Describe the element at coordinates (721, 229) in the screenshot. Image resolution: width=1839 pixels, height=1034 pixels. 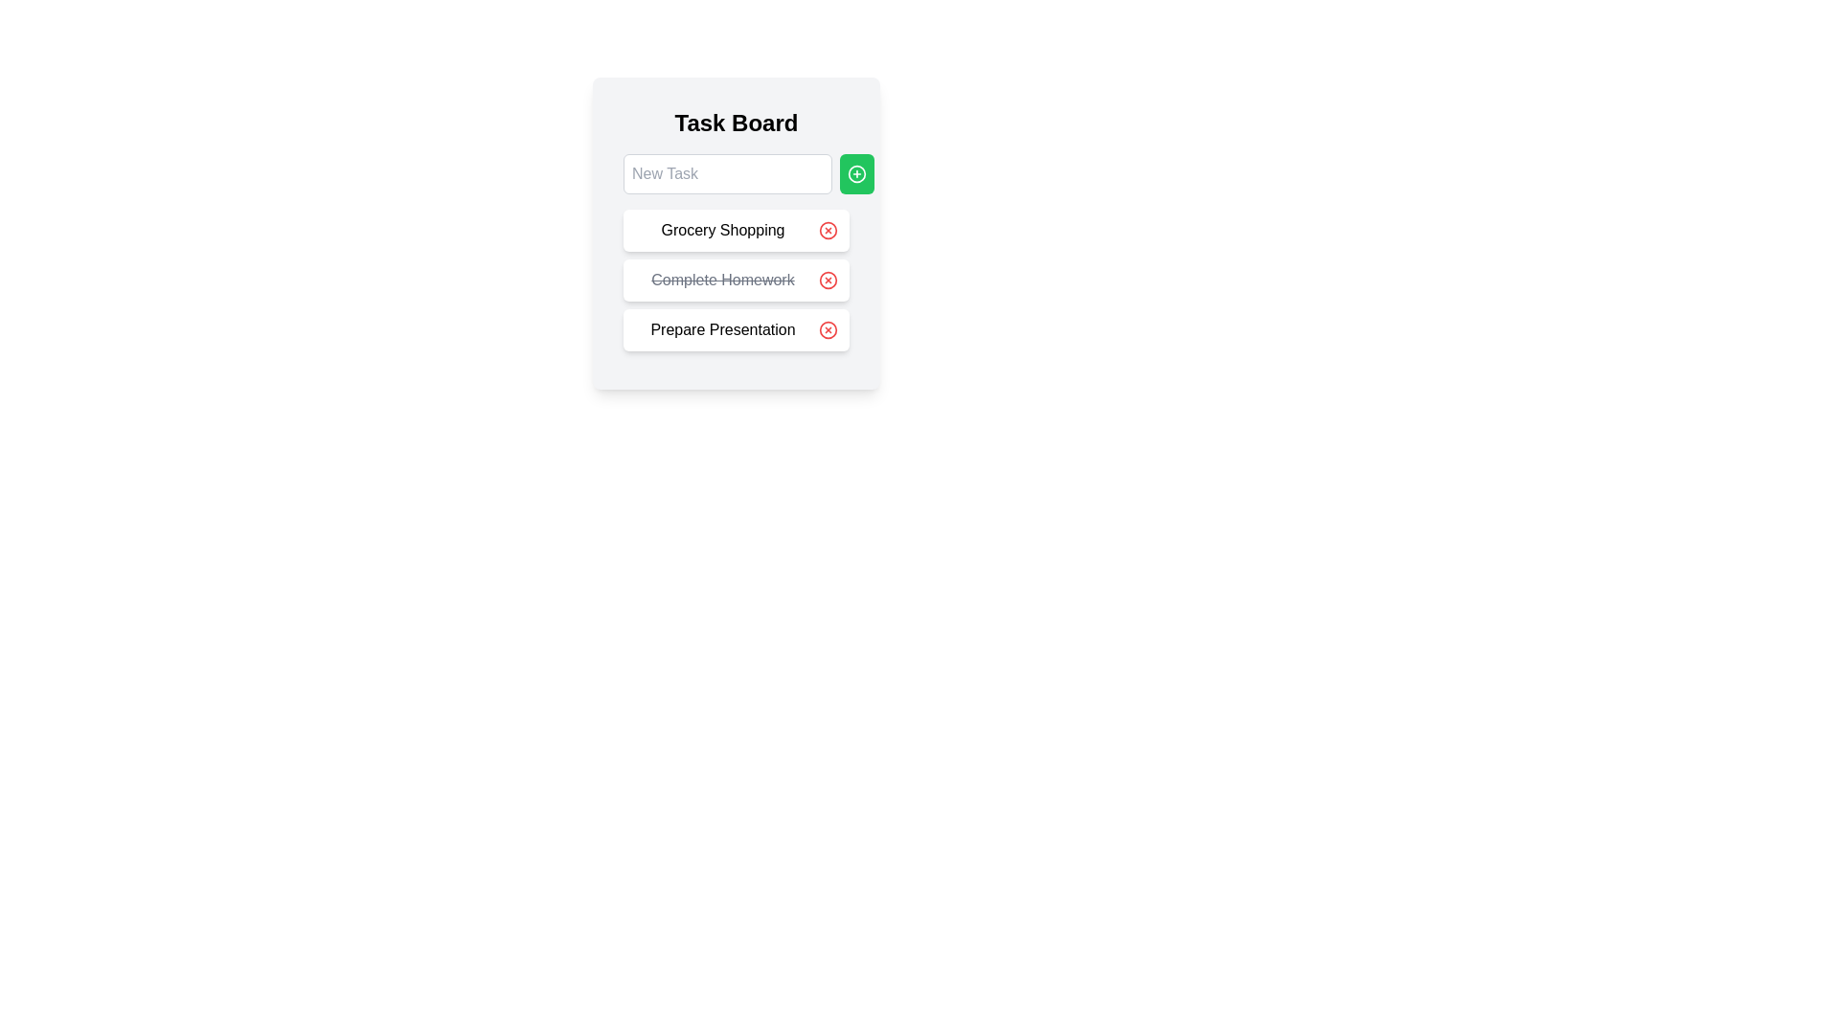
I see `the static text display for the task 'Grocery Shopping' within the to-do list for accessibility navigation` at that location.